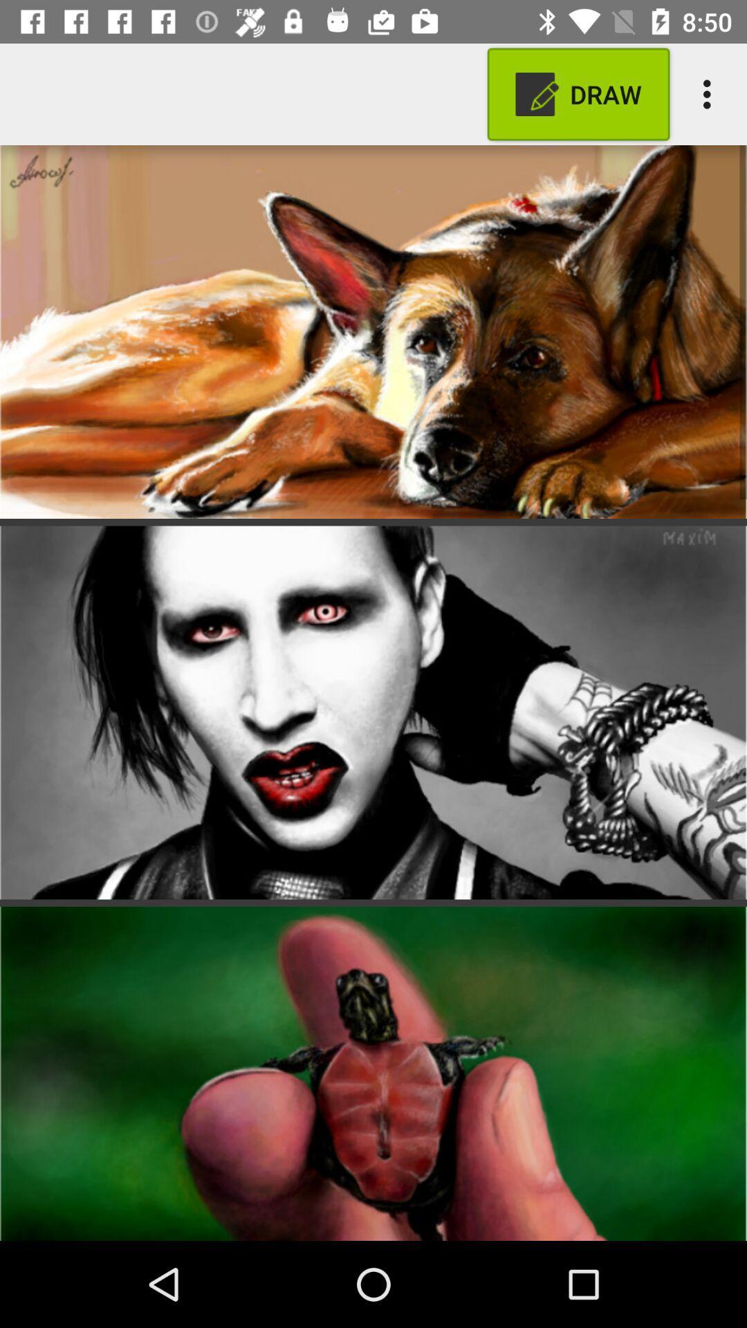 The height and width of the screenshot is (1328, 747). I want to click on icon to the right of draw item, so click(710, 93).